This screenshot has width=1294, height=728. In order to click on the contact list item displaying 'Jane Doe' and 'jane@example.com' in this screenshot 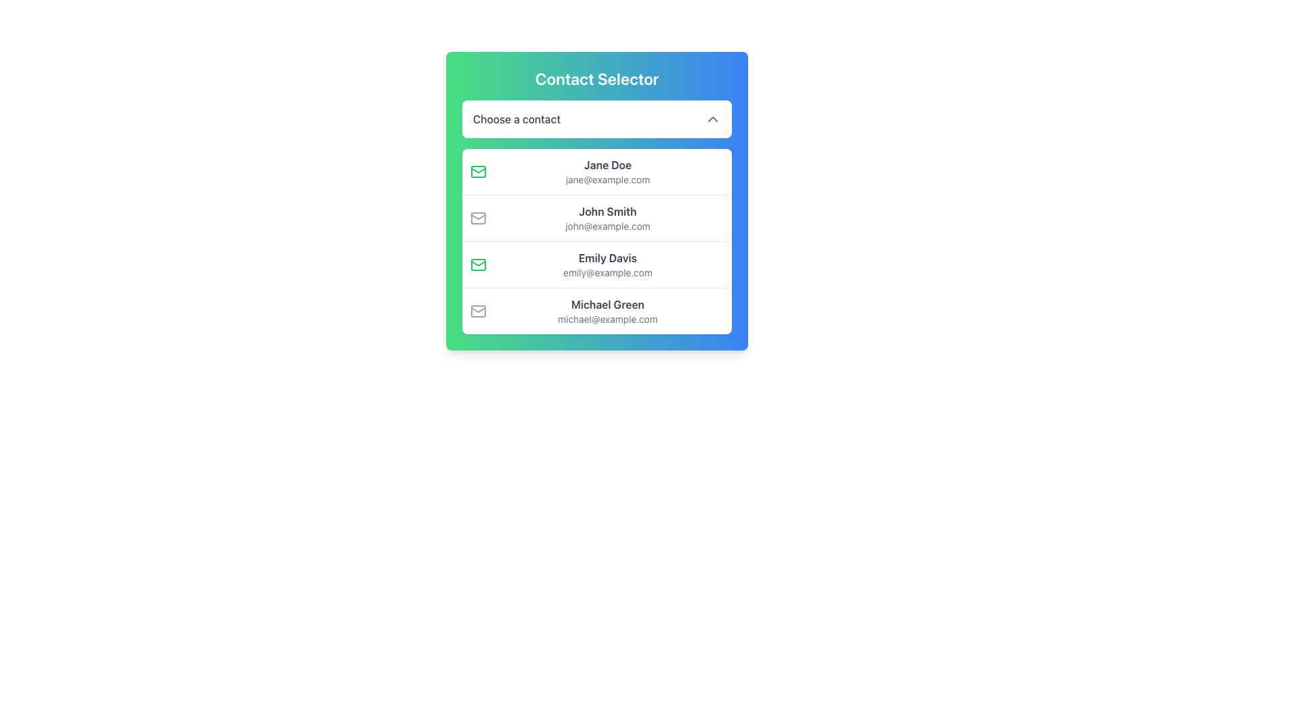, I will do `click(607, 171)`.